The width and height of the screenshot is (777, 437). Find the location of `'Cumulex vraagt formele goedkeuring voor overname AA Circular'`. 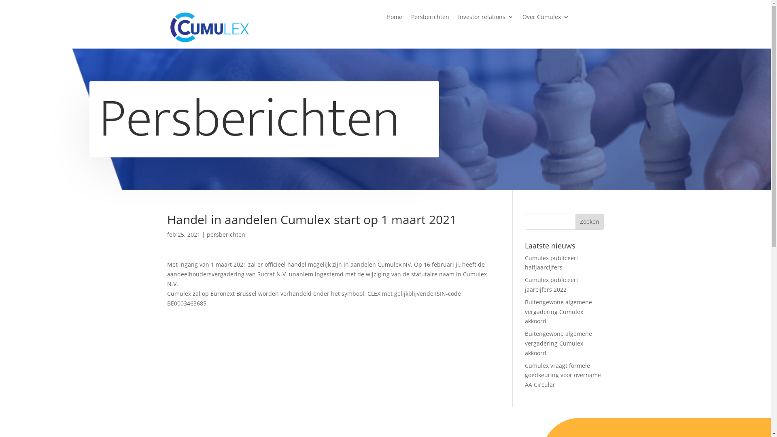

'Cumulex vraagt formele goedkeuring voor overname AA Circular' is located at coordinates (563, 375).